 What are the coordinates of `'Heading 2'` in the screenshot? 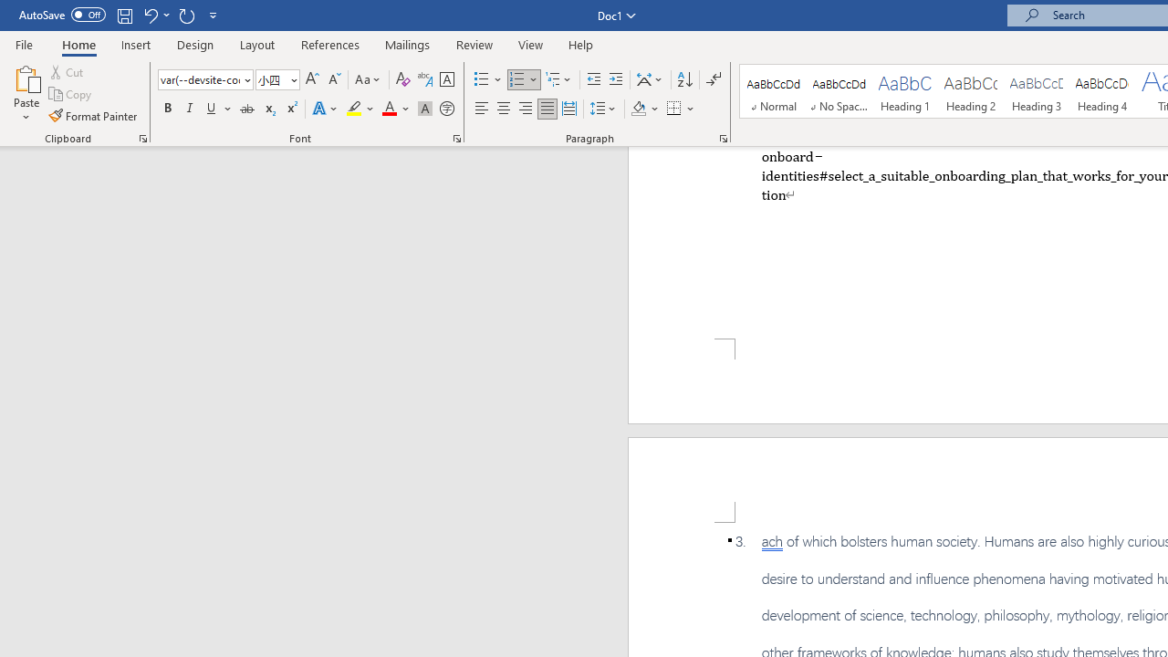 It's located at (969, 91).